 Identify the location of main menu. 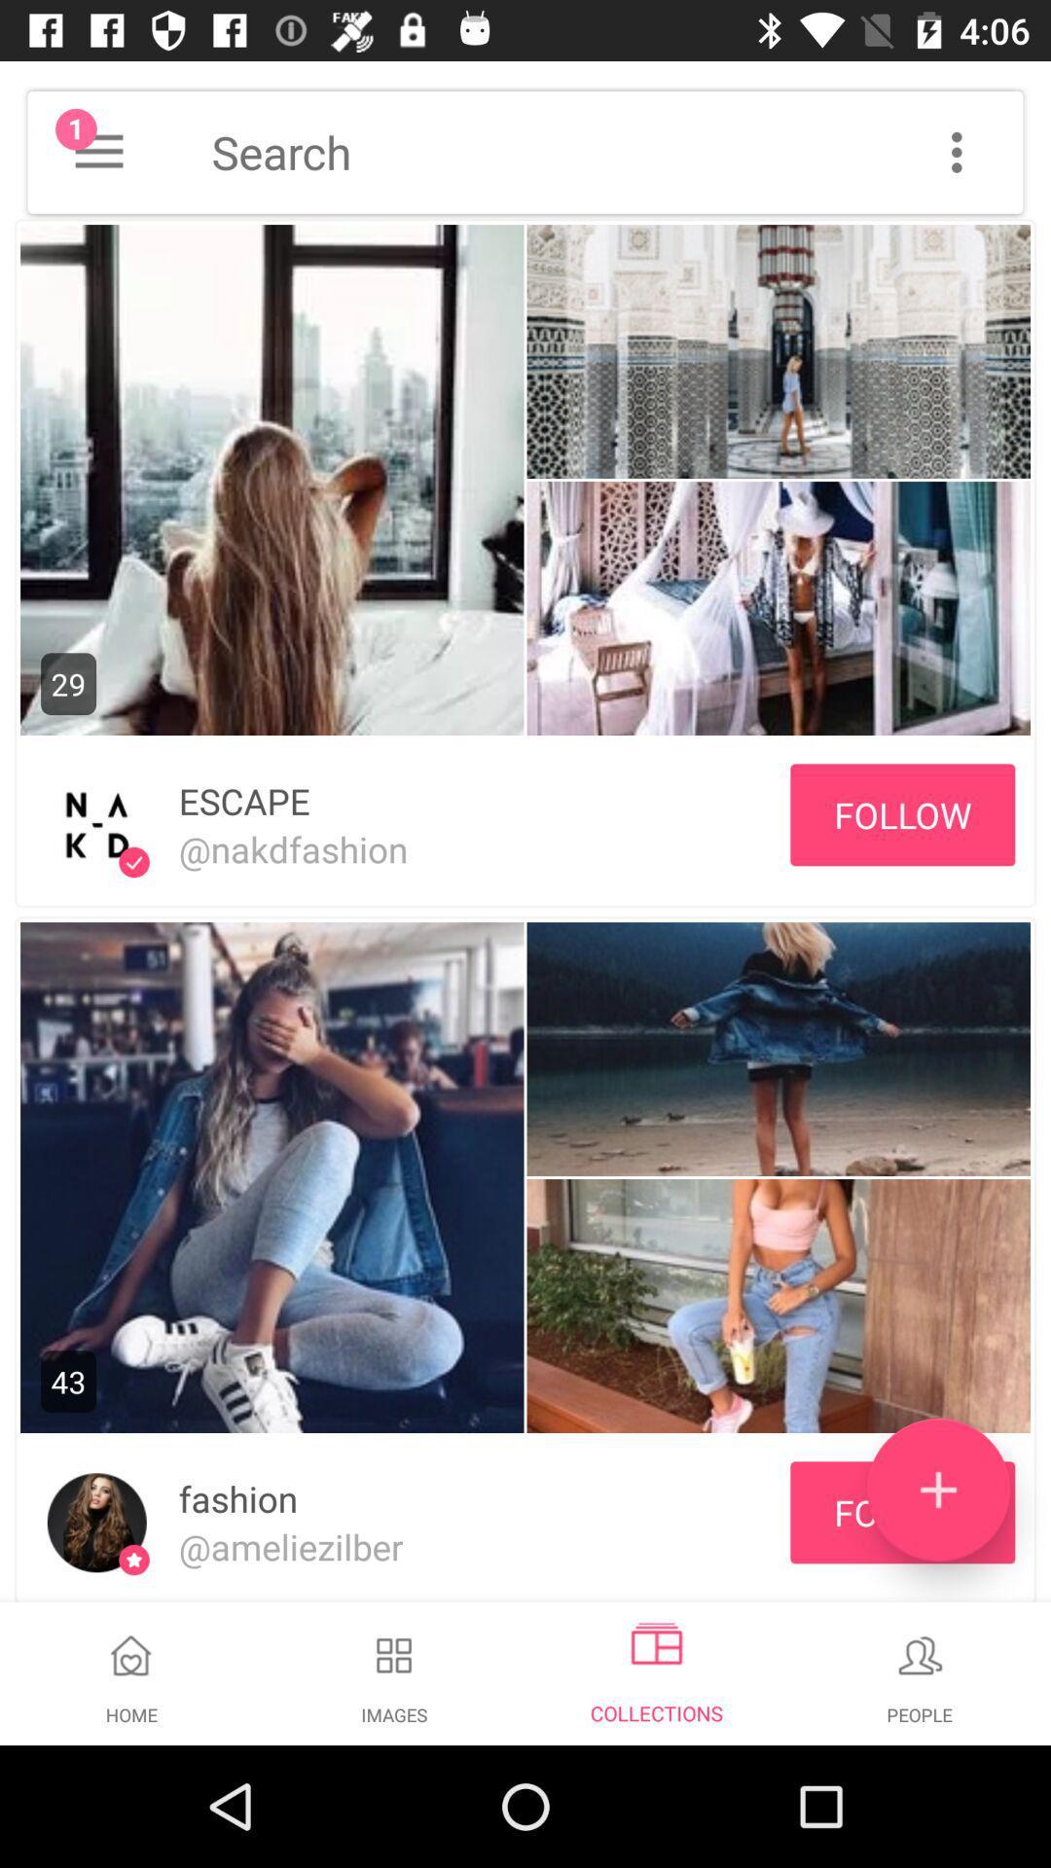
(98, 151).